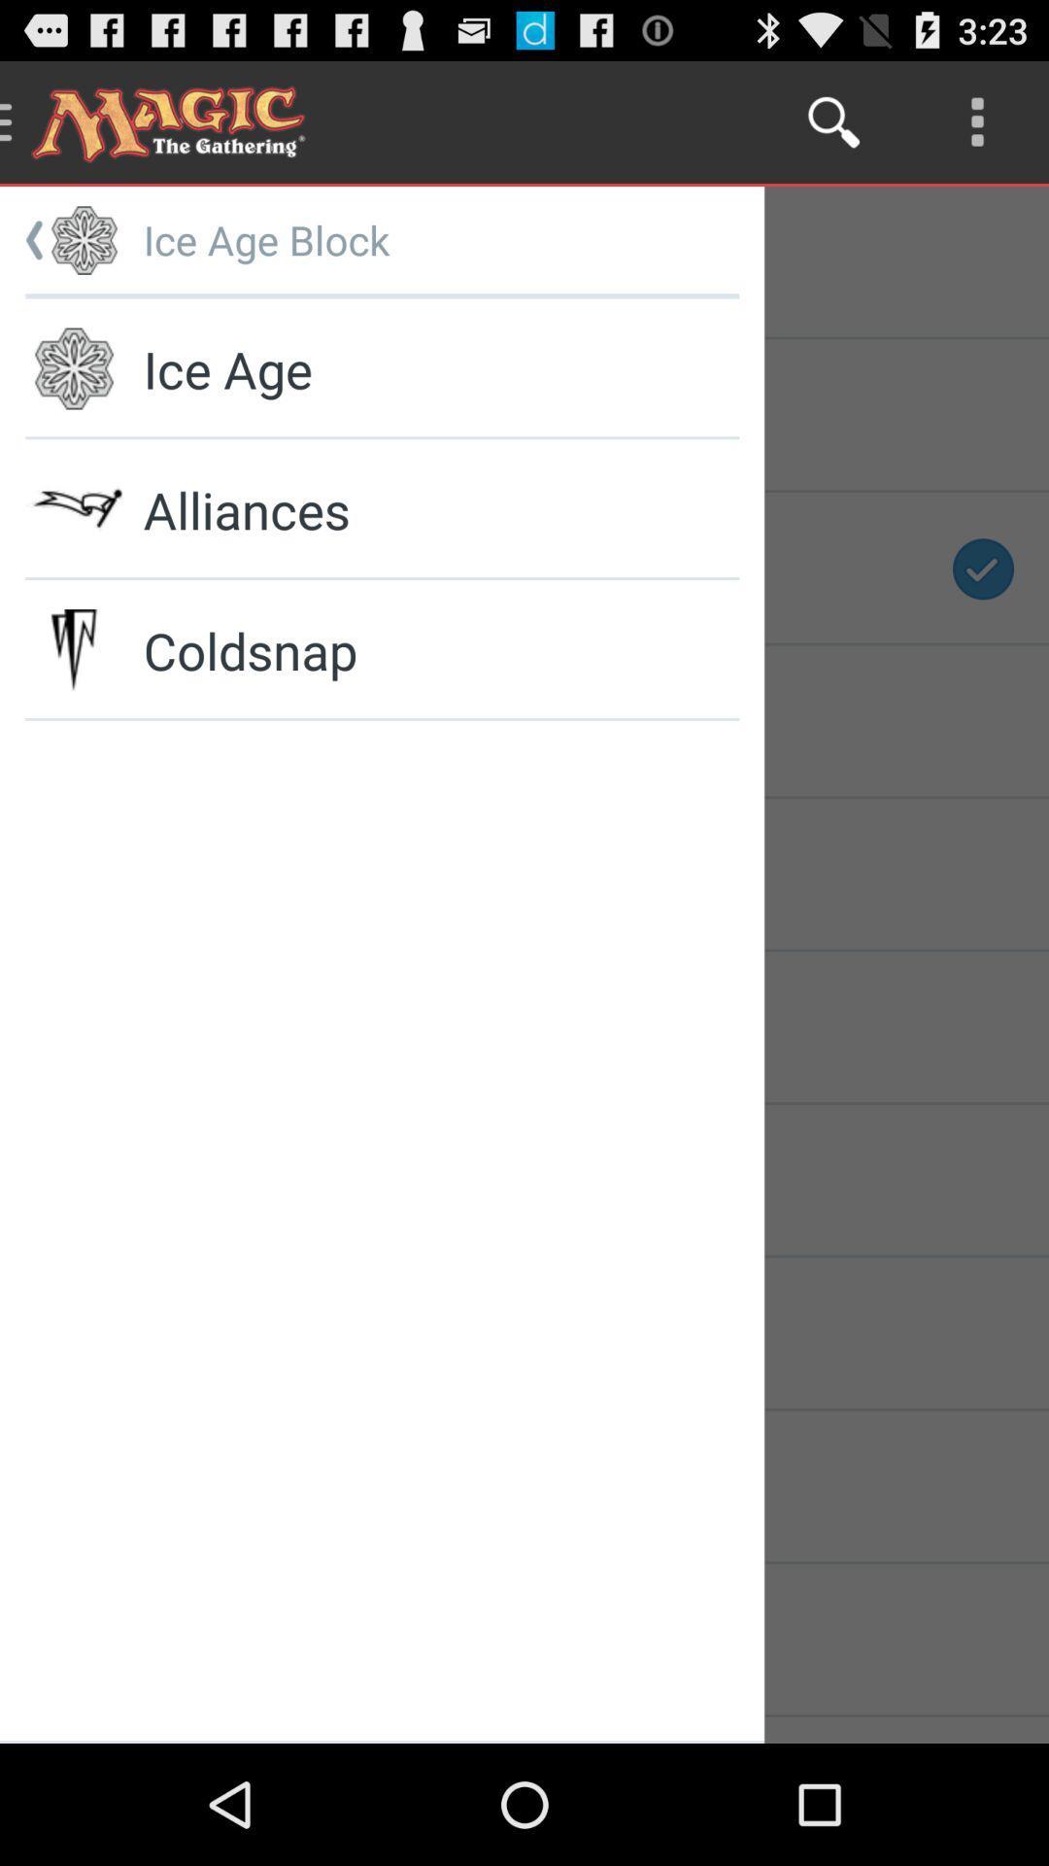 This screenshot has width=1049, height=1866. Describe the element at coordinates (984, 568) in the screenshot. I see `the icon tick` at that location.